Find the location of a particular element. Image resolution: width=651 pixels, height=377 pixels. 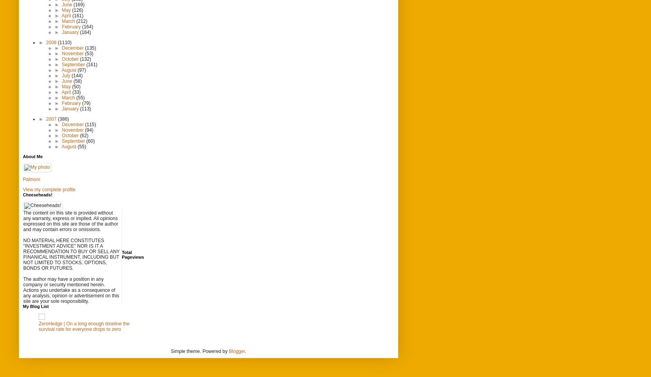

'The content on this site is provided without any warranty, express or implied. All opinions expressed on this site are those of the author and may contain errors or omissions.' is located at coordinates (23, 220).